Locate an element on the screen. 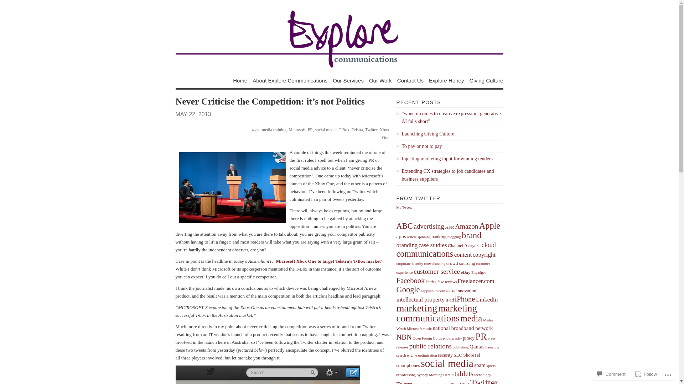  'CityRail' is located at coordinates (474, 245).